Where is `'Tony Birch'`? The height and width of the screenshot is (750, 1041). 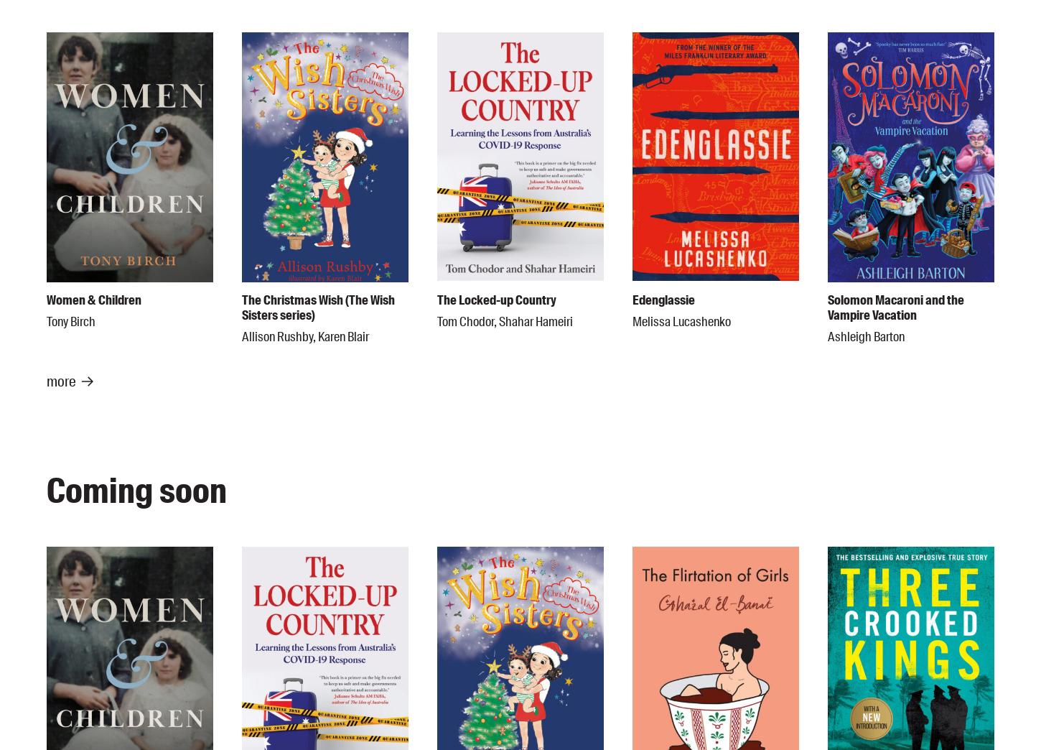
'Tony Birch' is located at coordinates (71, 320).